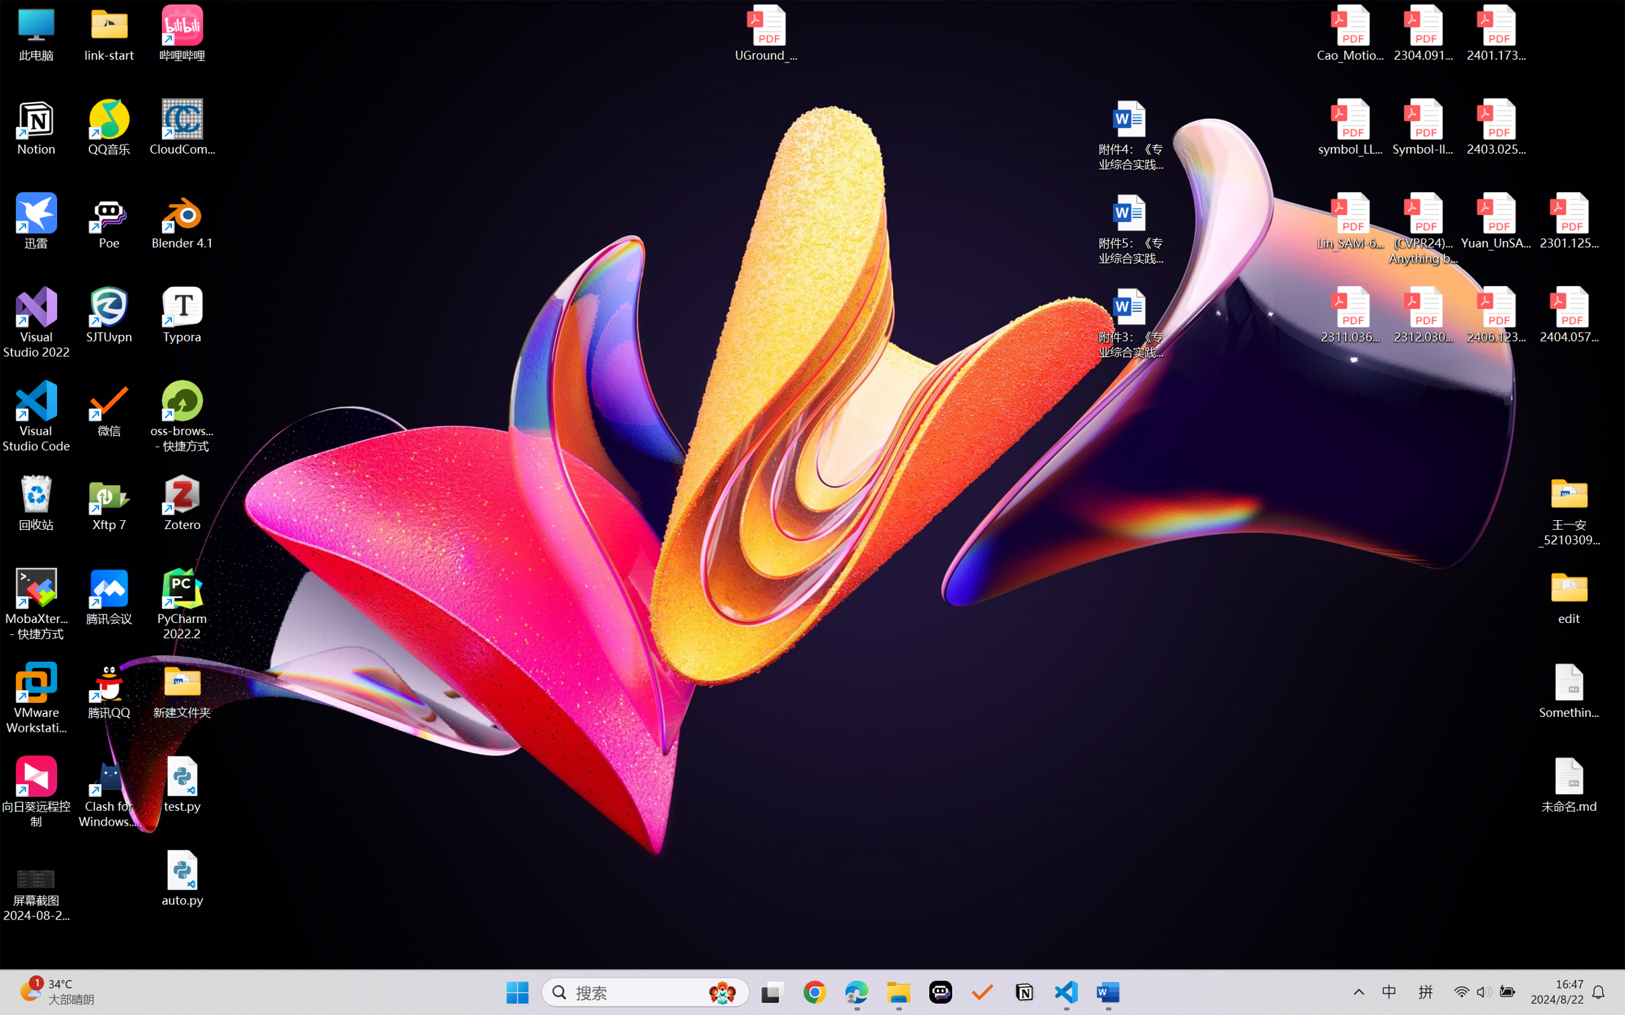 The width and height of the screenshot is (1625, 1015). Describe the element at coordinates (109, 315) in the screenshot. I see `'SJTUvpn'` at that location.